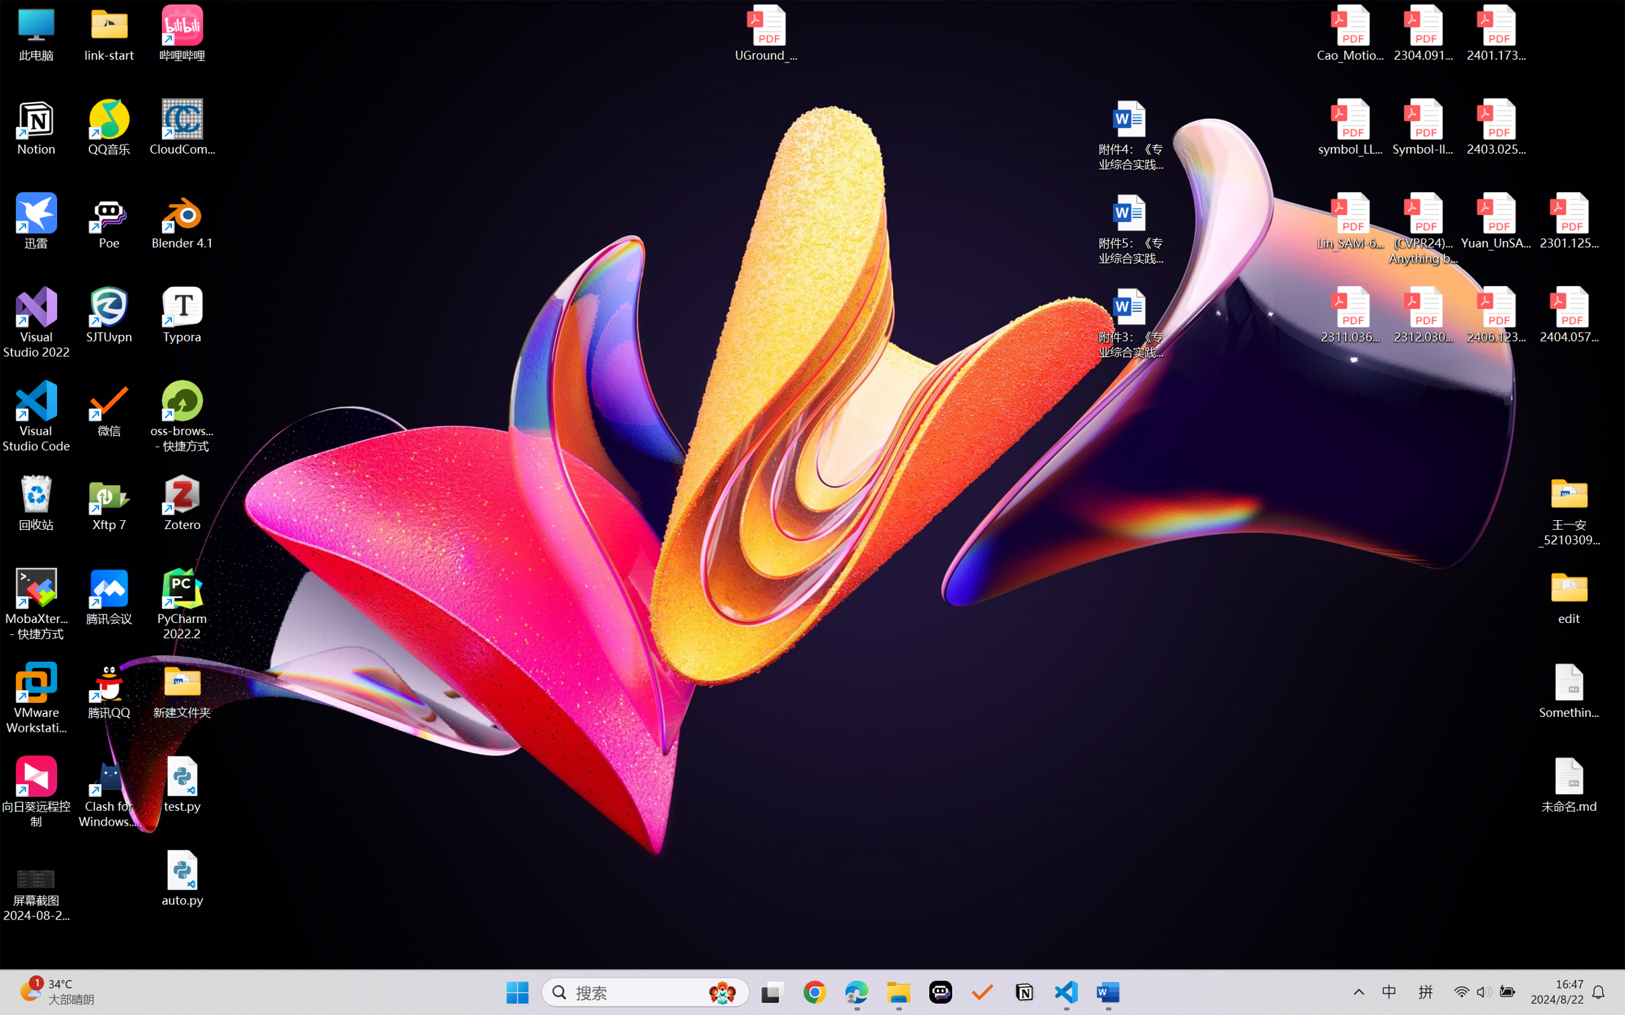 The width and height of the screenshot is (1625, 1015). Describe the element at coordinates (109, 315) in the screenshot. I see `'SJTUvpn'` at that location.